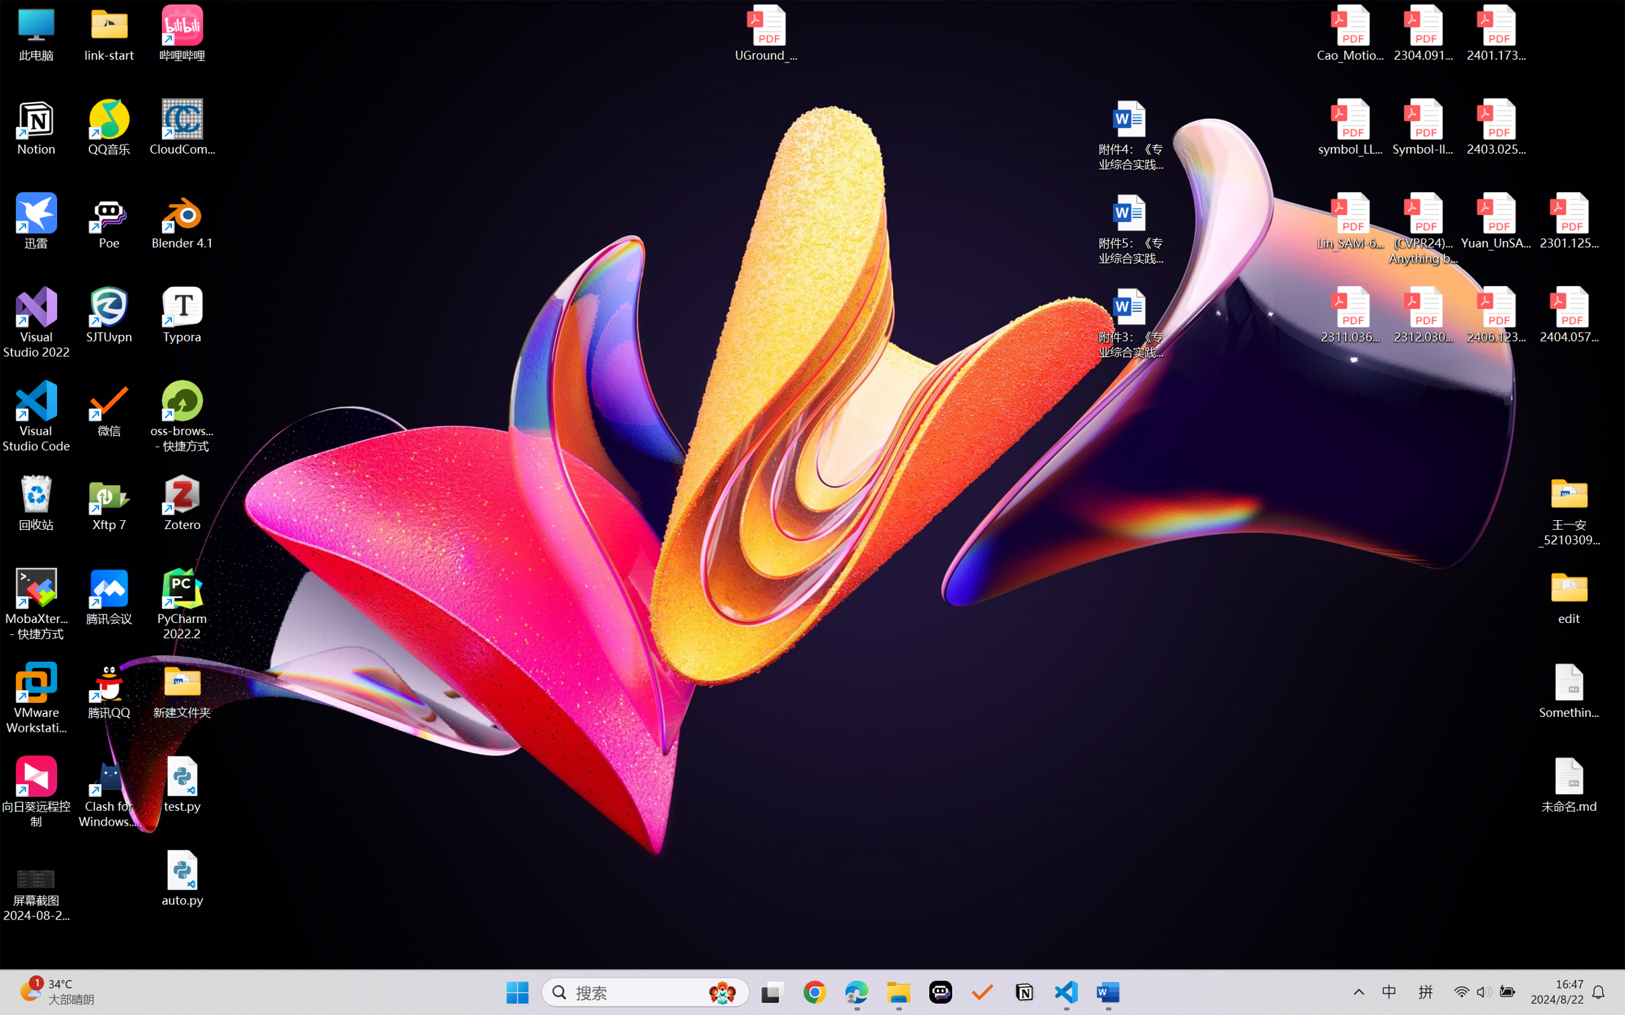 The width and height of the screenshot is (1625, 1015). Describe the element at coordinates (109, 315) in the screenshot. I see `'SJTUvpn'` at that location.